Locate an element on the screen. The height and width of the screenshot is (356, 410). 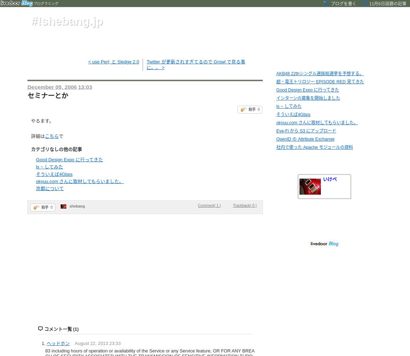
'超・電王トリロジー EPISODE RED 見てきた' is located at coordinates (276, 82).